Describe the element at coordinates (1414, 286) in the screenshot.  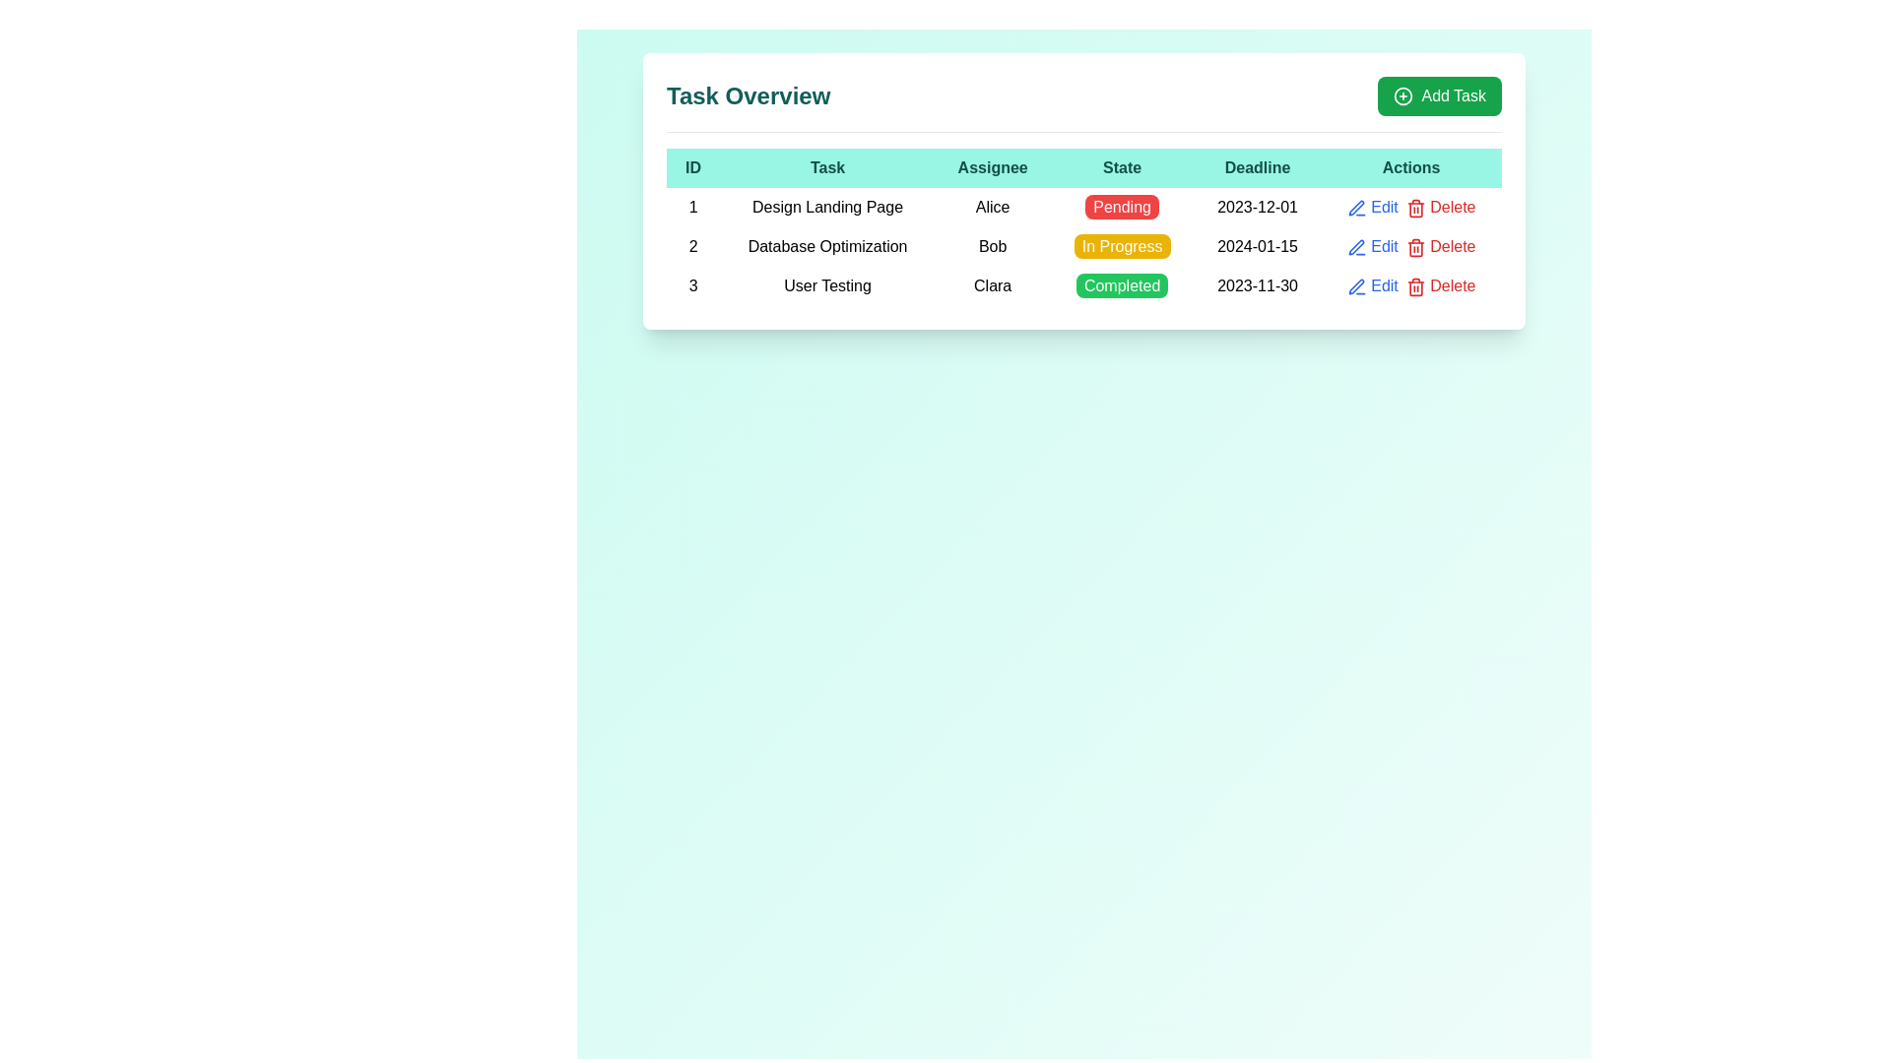
I see `the red-colored trash can icon in the 'Actions' column of the third row of the table` at that location.